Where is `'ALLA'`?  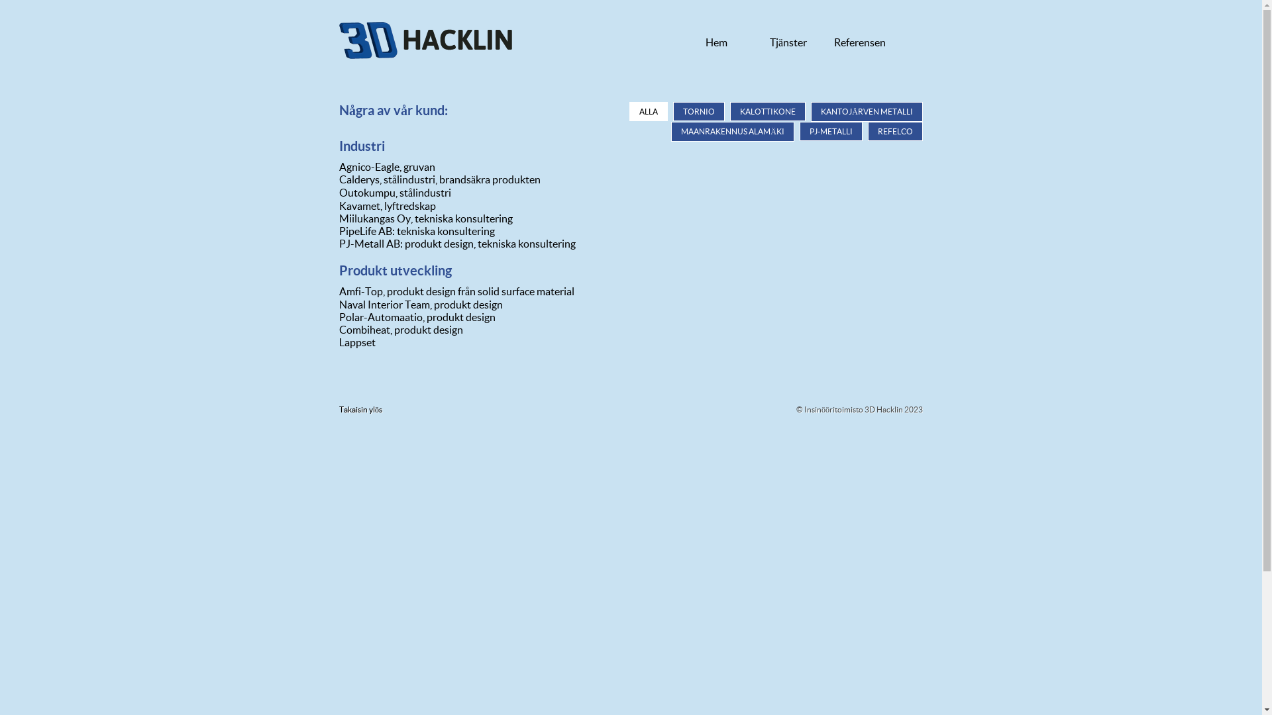
'ALLA' is located at coordinates (629, 111).